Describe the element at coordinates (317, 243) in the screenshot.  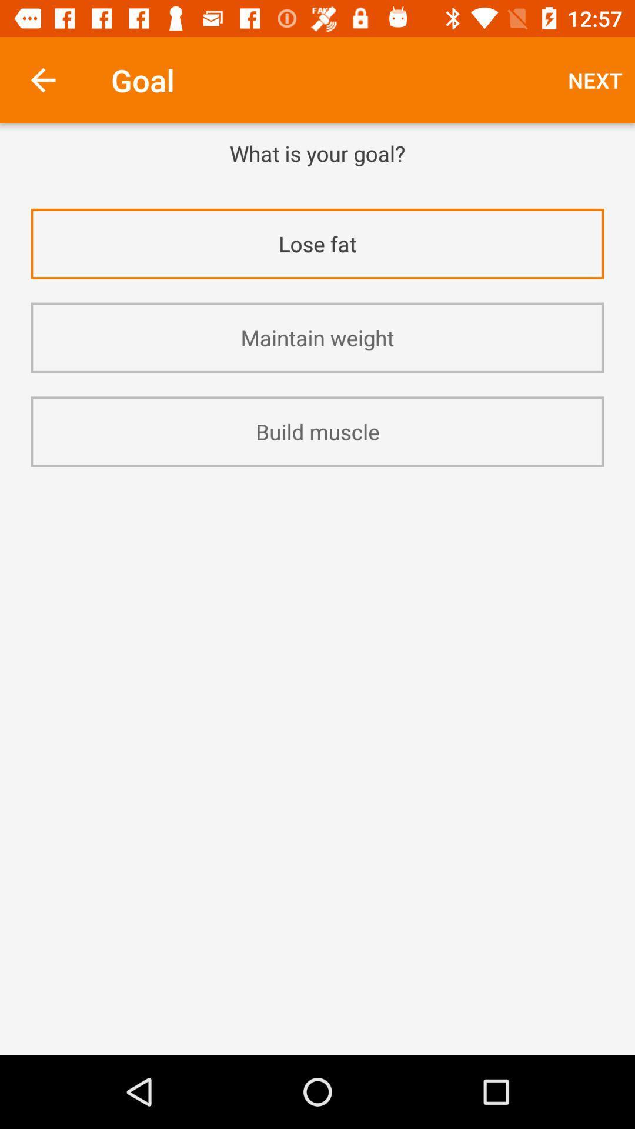
I see `lose fat item` at that location.